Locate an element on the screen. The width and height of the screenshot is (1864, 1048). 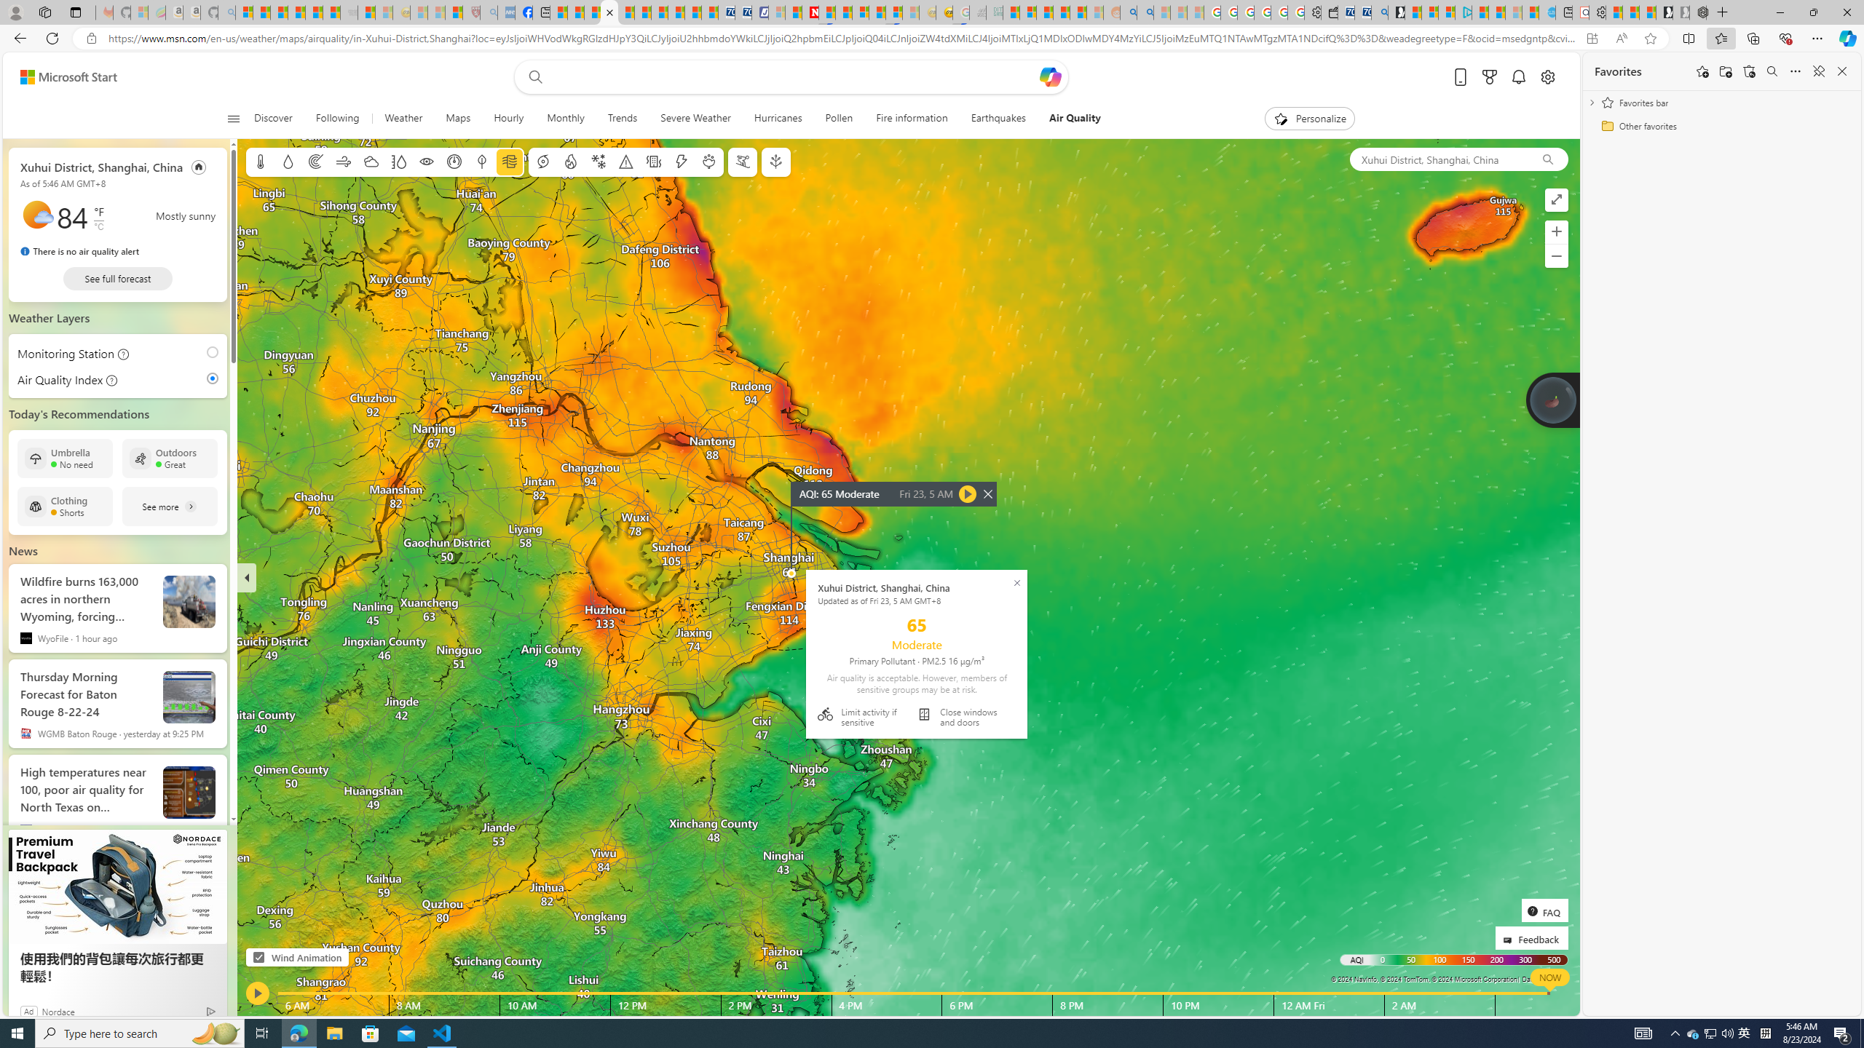
'Nordace - Nordace Siena Is Not An Ordinary Backpack' is located at coordinates (1697, 12).